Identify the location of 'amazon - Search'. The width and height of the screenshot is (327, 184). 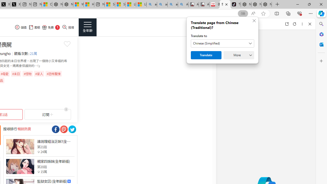
(162, 4).